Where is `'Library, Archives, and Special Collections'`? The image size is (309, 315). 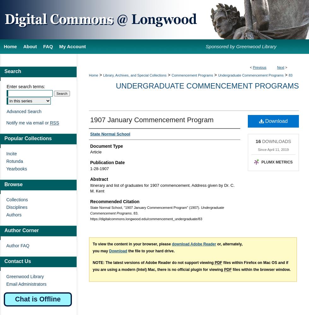
'Library, Archives, and Special Collections' is located at coordinates (135, 75).